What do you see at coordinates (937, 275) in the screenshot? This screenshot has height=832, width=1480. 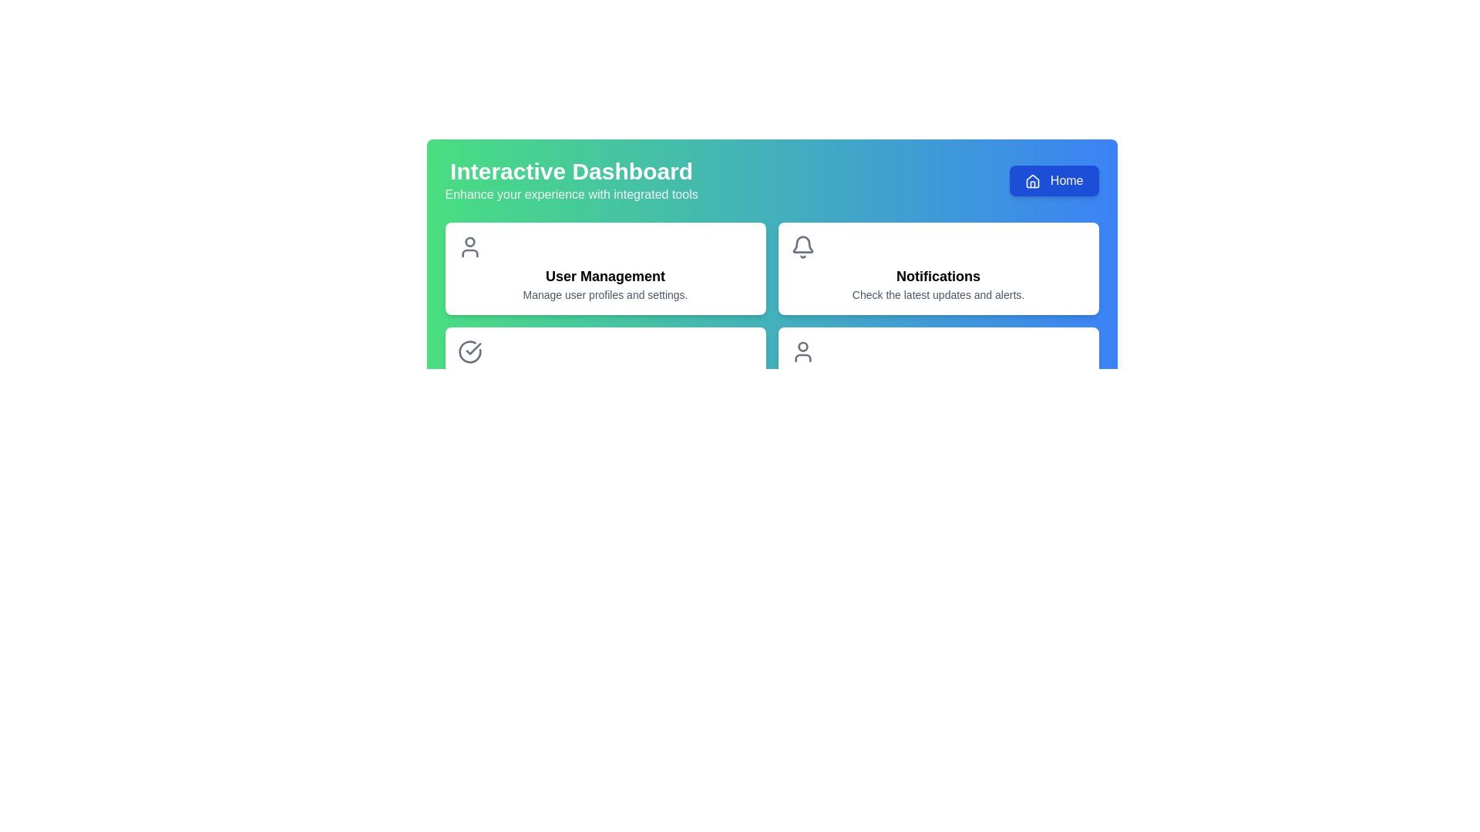 I see `text label displaying 'Notifications' which is bold and positioned between the bell icon and the description text in the top-right quadrant of the interface` at bounding box center [937, 275].